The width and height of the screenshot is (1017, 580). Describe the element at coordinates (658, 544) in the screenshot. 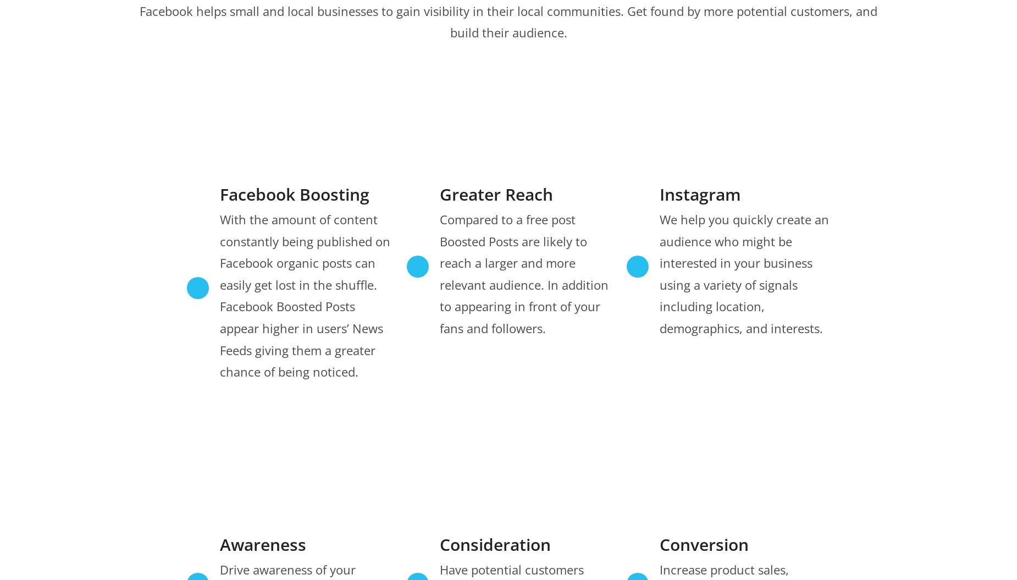

I see `'Conversion'` at that location.